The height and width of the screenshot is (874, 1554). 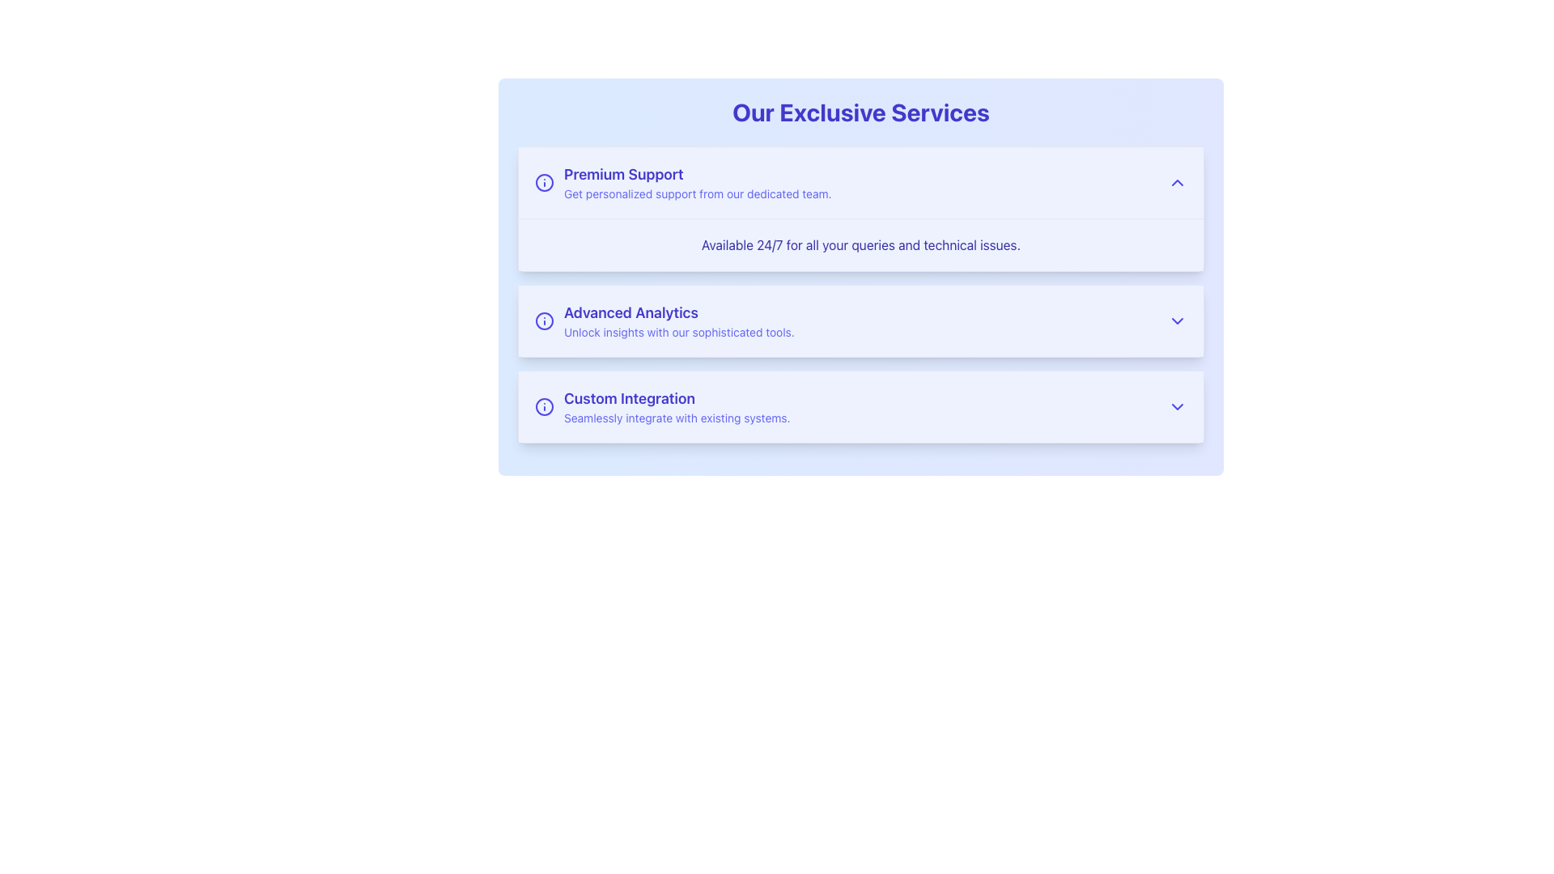 I want to click on the text label reading 'Available 24/7 for all your queries and technical issues.' which is styled in indigo and located beneath the 'Premium Support' header in the 'Our Exclusive Services' section, so click(x=860, y=245).